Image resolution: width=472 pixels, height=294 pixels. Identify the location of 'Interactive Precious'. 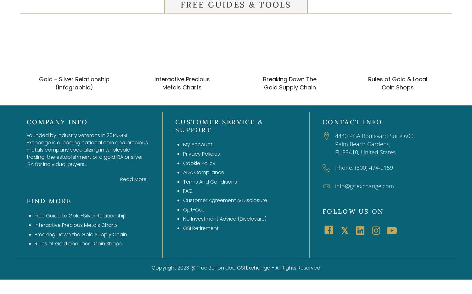
(181, 78).